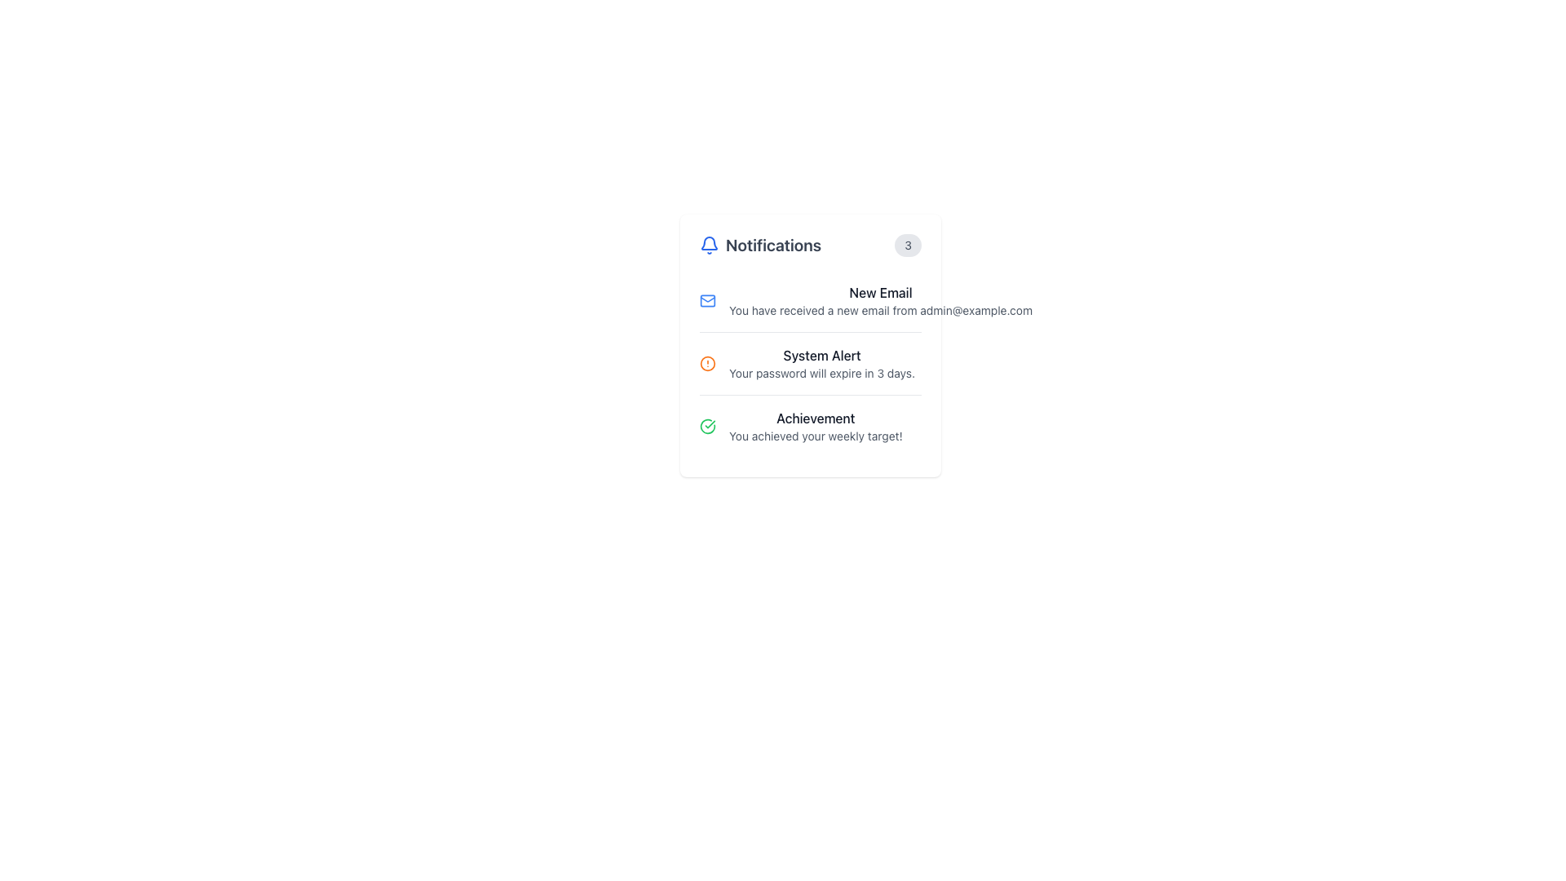 Image resolution: width=1566 pixels, height=881 pixels. What do you see at coordinates (810, 245) in the screenshot?
I see `the notification header element, which consists of an icon, text, and a badge indicating the number of notifications` at bounding box center [810, 245].